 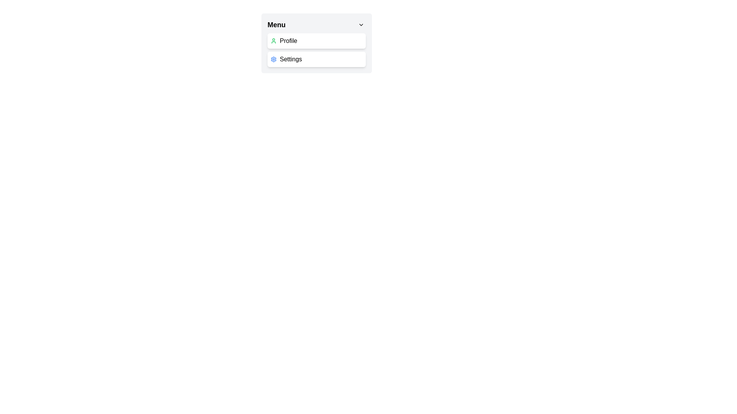 What do you see at coordinates (290, 59) in the screenshot?
I see `the 'Settings' text label in the dropdown menu, which is styled in a standard font and appears on a white background, located to the right of a gear-shaped icon` at bounding box center [290, 59].